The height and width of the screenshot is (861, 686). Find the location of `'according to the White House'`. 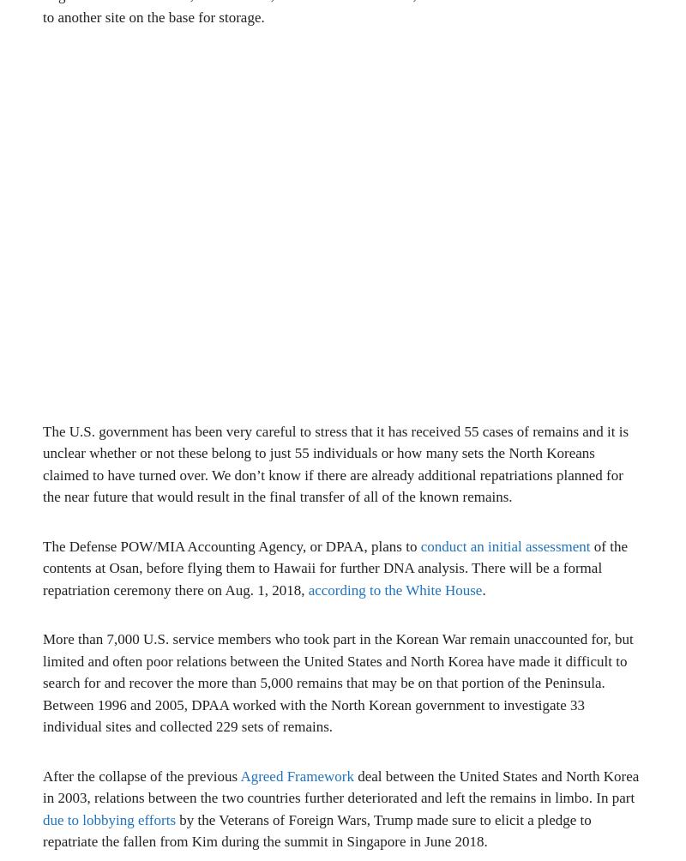

'according to the White House' is located at coordinates (394, 588).